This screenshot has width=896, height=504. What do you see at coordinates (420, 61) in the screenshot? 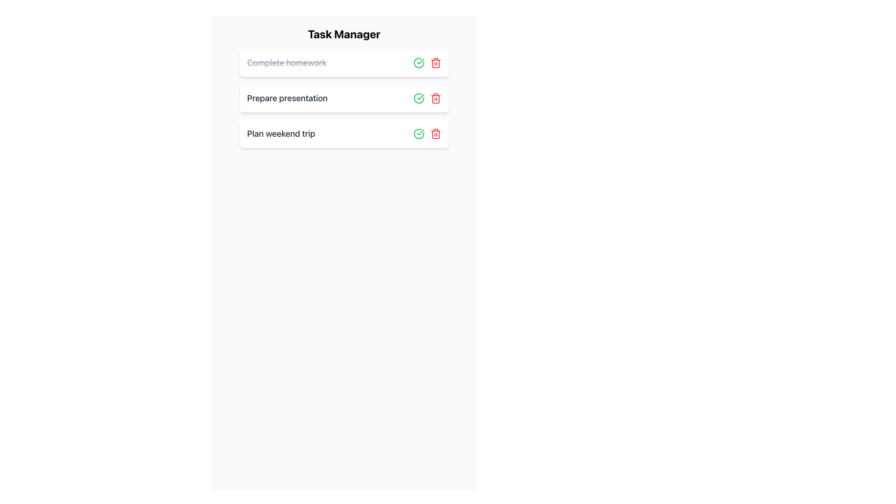
I see `the green checkmark icon in the confirmation indicator located on the right side of the 'Prepare presentation' task entry in the task list interface` at bounding box center [420, 61].